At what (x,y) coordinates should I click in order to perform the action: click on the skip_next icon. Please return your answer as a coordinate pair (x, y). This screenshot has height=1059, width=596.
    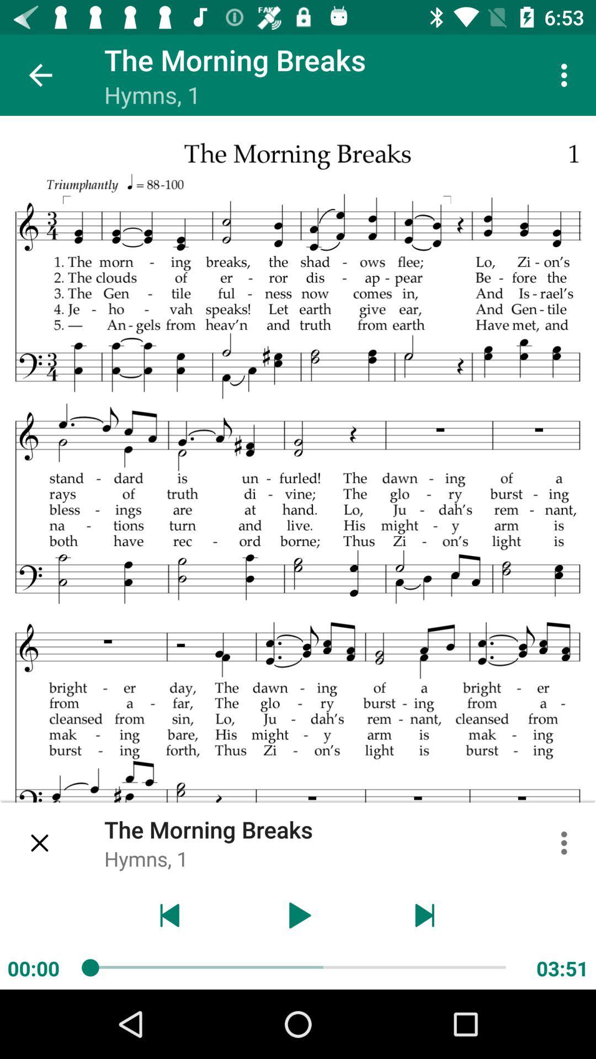
    Looking at the image, I should click on (425, 915).